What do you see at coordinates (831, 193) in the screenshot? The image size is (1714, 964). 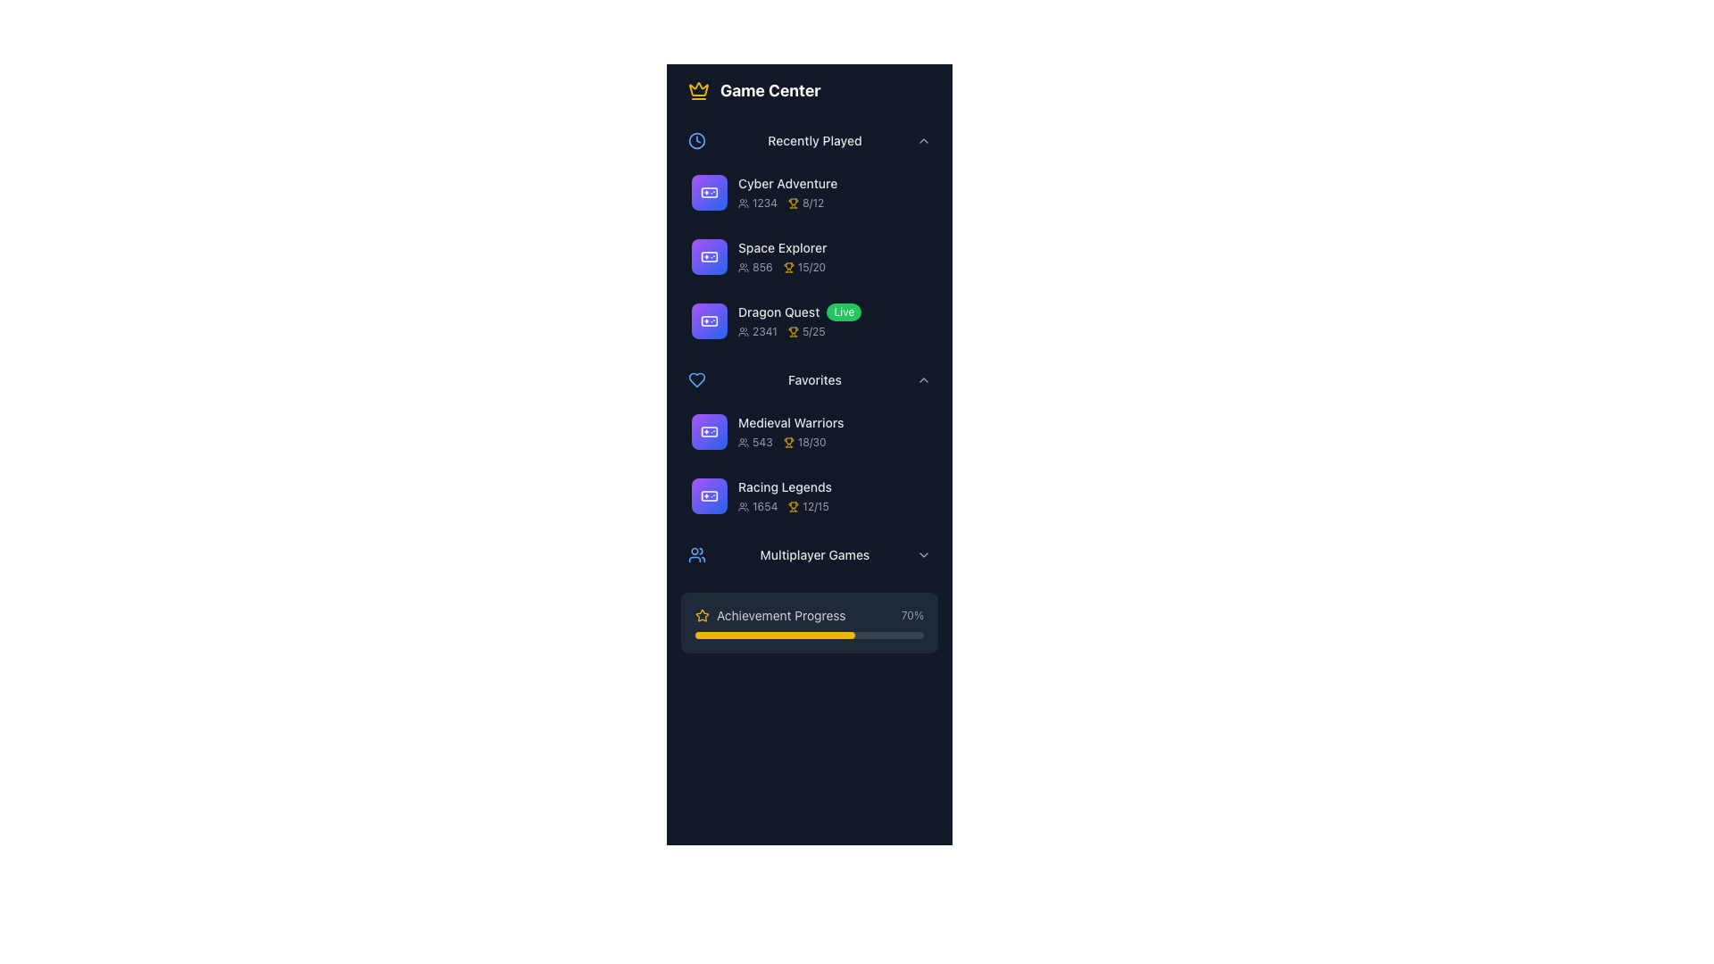 I see `the first list item in the 'Recently Played' category` at bounding box center [831, 193].